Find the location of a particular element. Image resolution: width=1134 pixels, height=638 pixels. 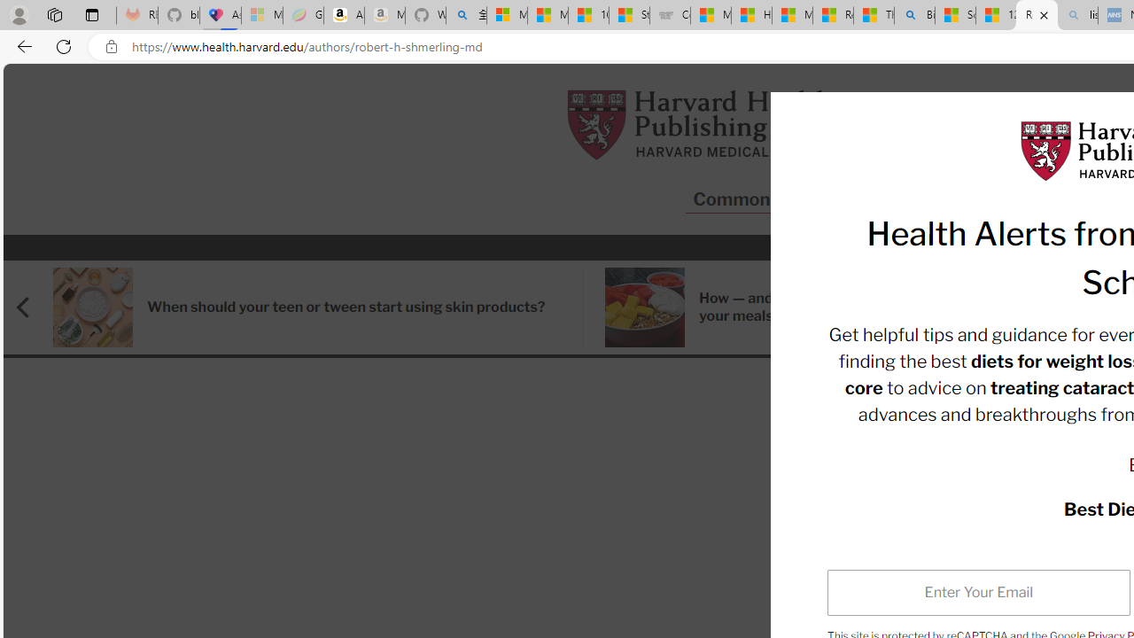

'Enter Your Email' is located at coordinates (978, 592).